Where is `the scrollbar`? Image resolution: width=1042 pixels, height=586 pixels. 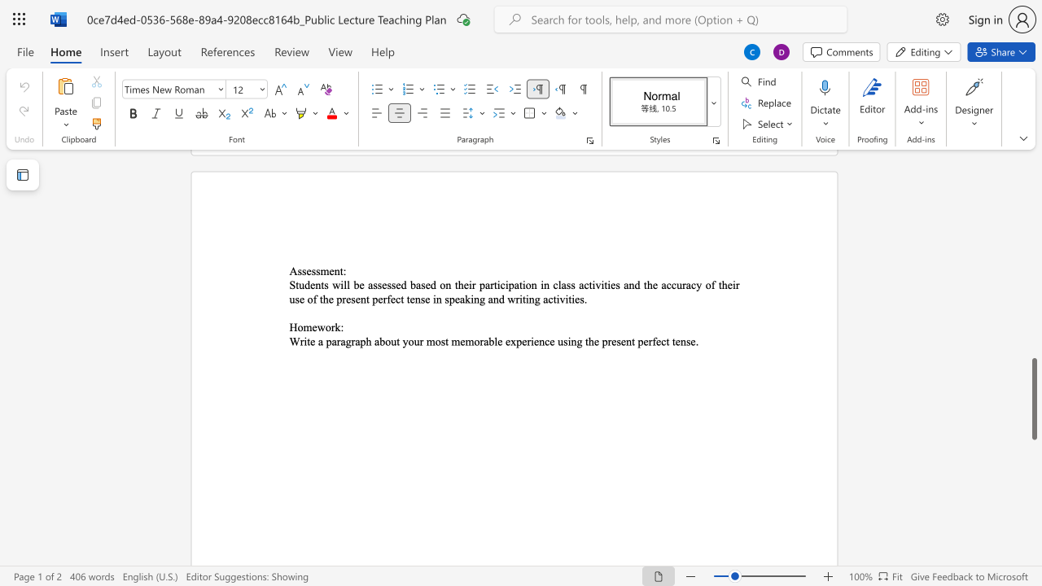
the scrollbar is located at coordinates (1033, 259).